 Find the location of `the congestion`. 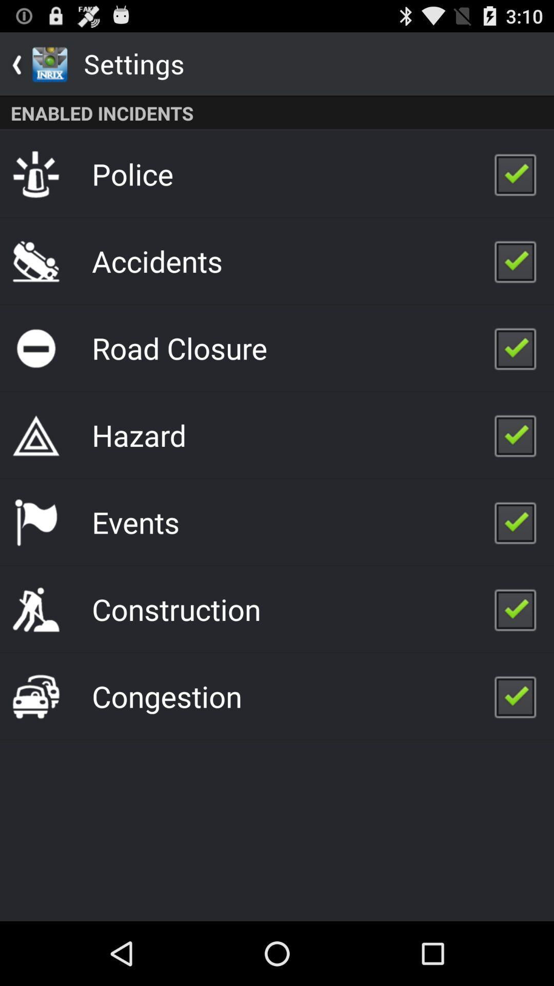

the congestion is located at coordinates (166, 696).